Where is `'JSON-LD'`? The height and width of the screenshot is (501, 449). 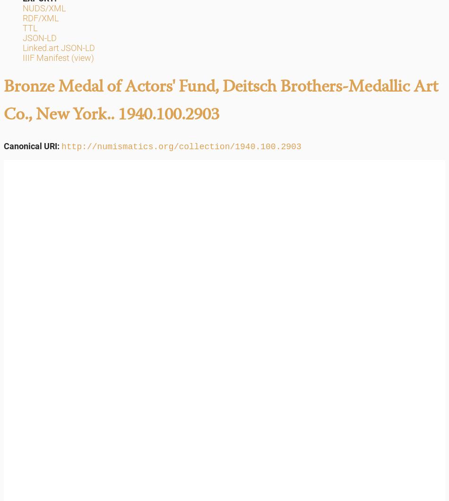
'JSON-LD' is located at coordinates (39, 38).